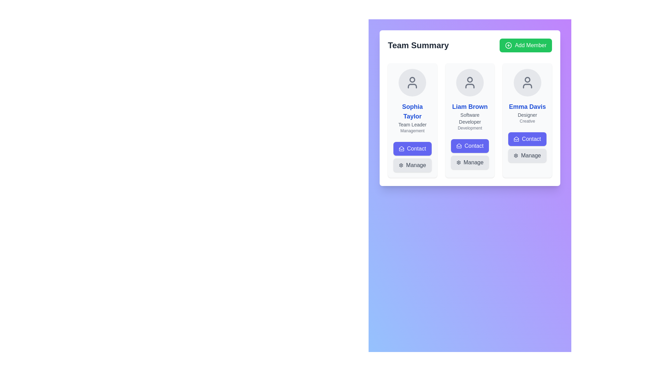  I want to click on the 'Contact' and 'Manage' buttons of the 'Emma Davis' profile in the rightmost card, so click(527, 147).